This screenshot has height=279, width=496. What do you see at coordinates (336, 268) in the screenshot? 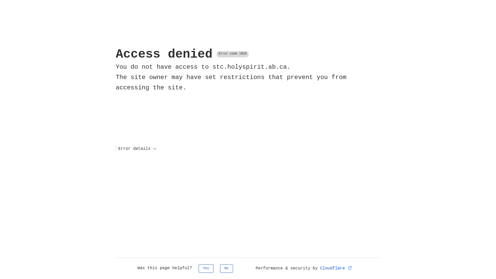
I see `'Cloudflare'` at bounding box center [336, 268].